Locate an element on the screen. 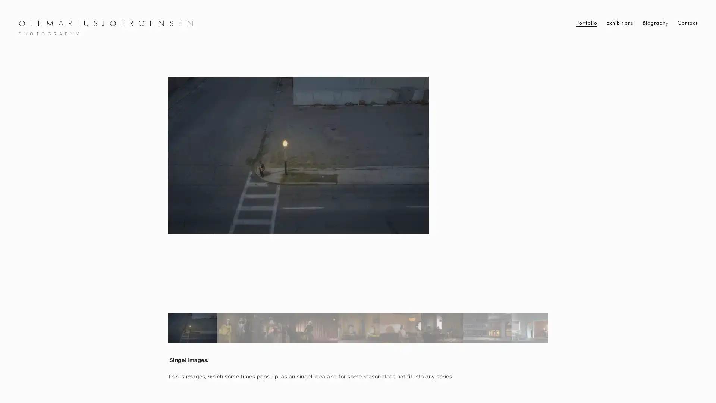 The height and width of the screenshot is (403, 716). Slide 9 is located at coordinates (532, 328).